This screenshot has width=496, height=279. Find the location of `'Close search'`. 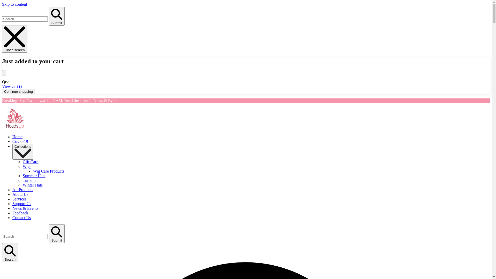

'Close search' is located at coordinates (2, 39).